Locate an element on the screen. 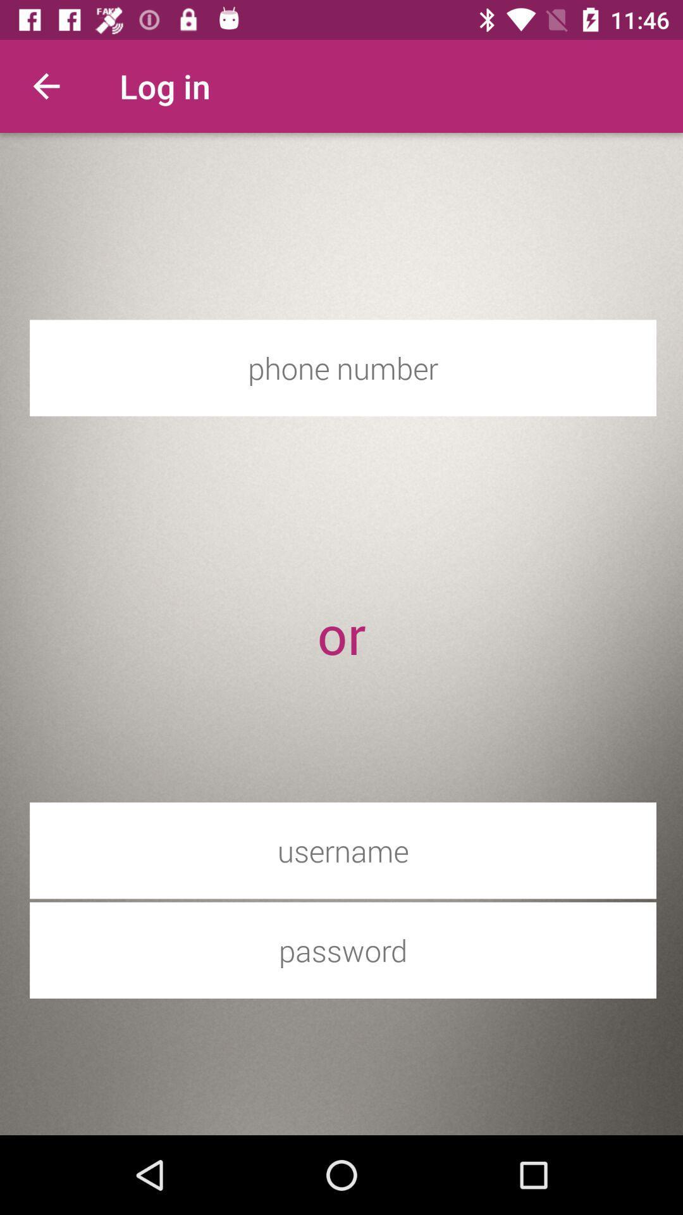 This screenshot has height=1215, width=683. using phone number is located at coordinates (343, 367).